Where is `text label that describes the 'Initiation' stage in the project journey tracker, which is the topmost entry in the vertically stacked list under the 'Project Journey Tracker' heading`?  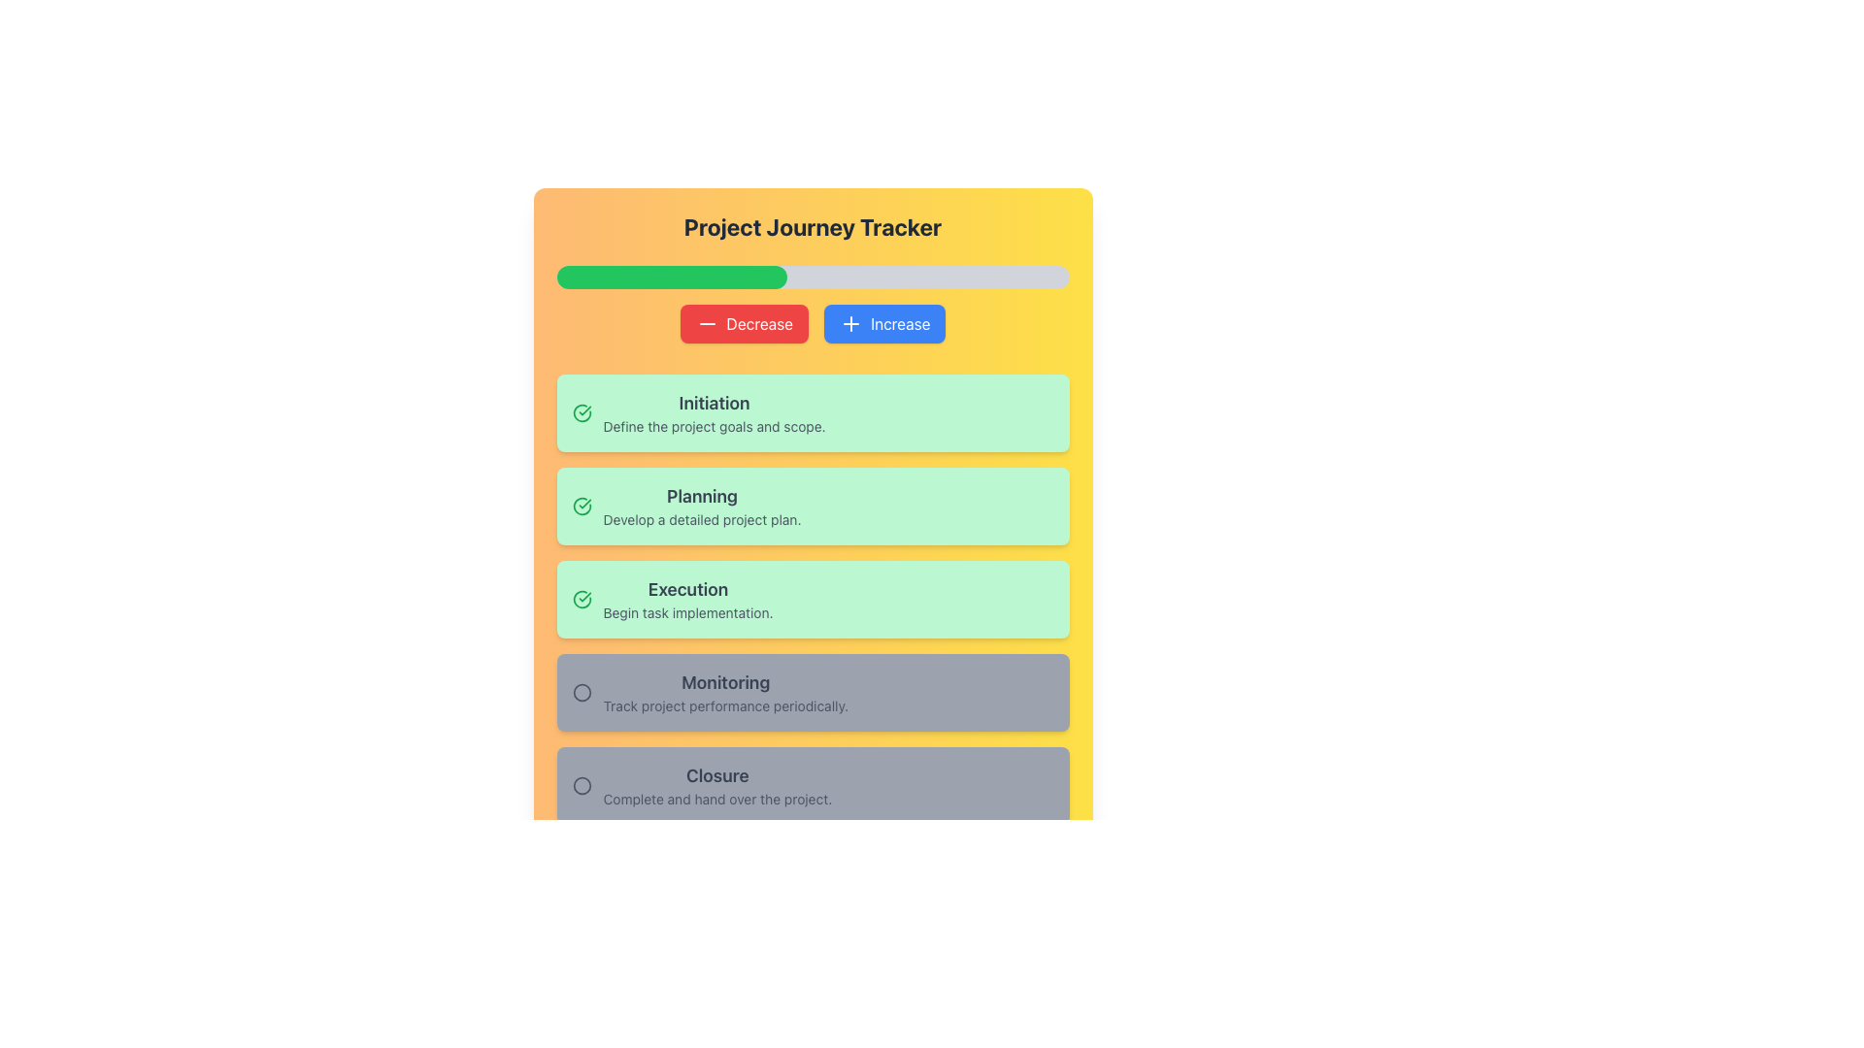 text label that describes the 'Initiation' stage in the project journey tracker, which is the topmost entry in the vertically stacked list under the 'Project Journey Tracker' heading is located at coordinates (714, 411).